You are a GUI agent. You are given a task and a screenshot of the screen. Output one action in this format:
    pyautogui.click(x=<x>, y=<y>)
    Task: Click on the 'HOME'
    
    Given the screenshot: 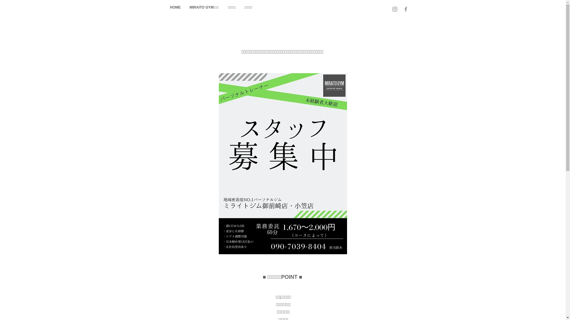 What is the action you would take?
    pyautogui.click(x=175, y=7)
    